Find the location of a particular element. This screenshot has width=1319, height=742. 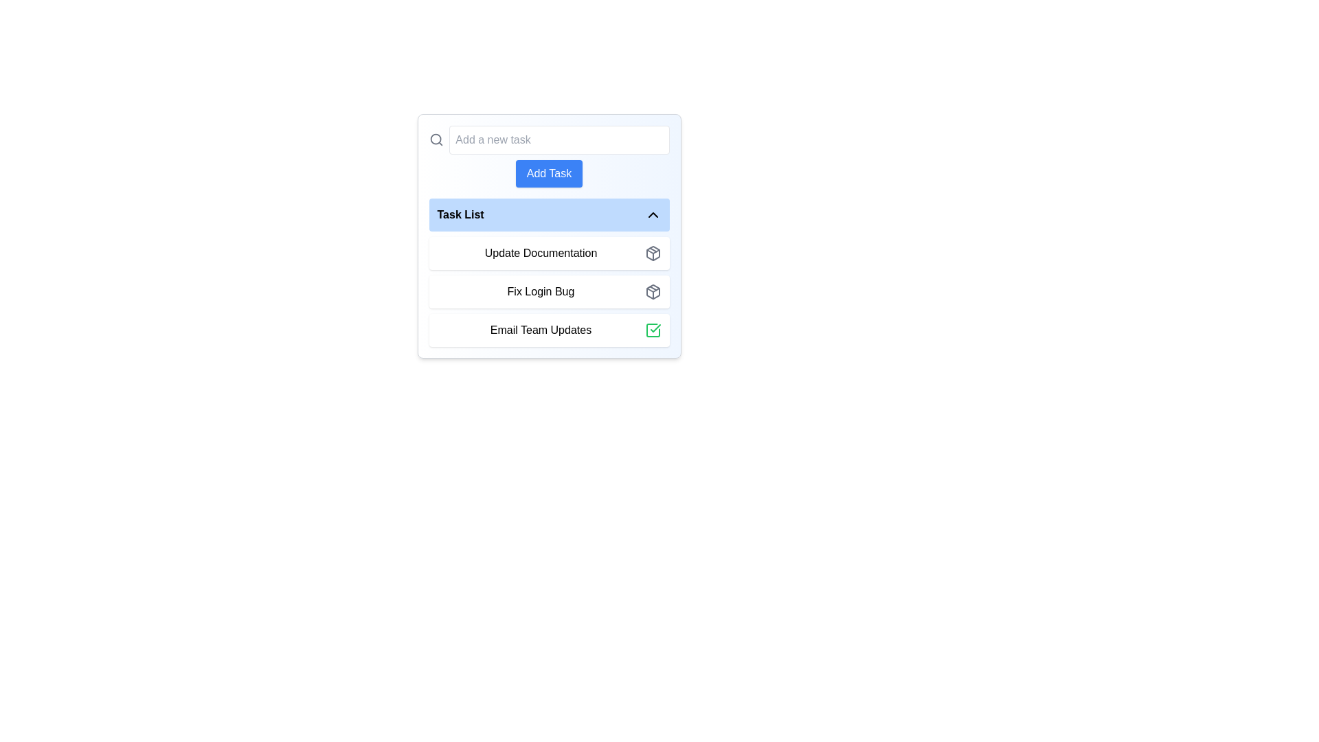

the first task item is located at coordinates (548, 254).